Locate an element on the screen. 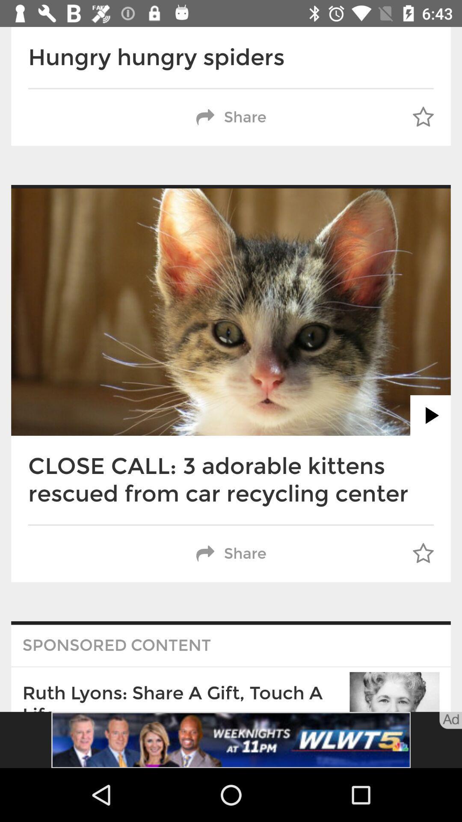  play option is located at coordinates (430, 415).